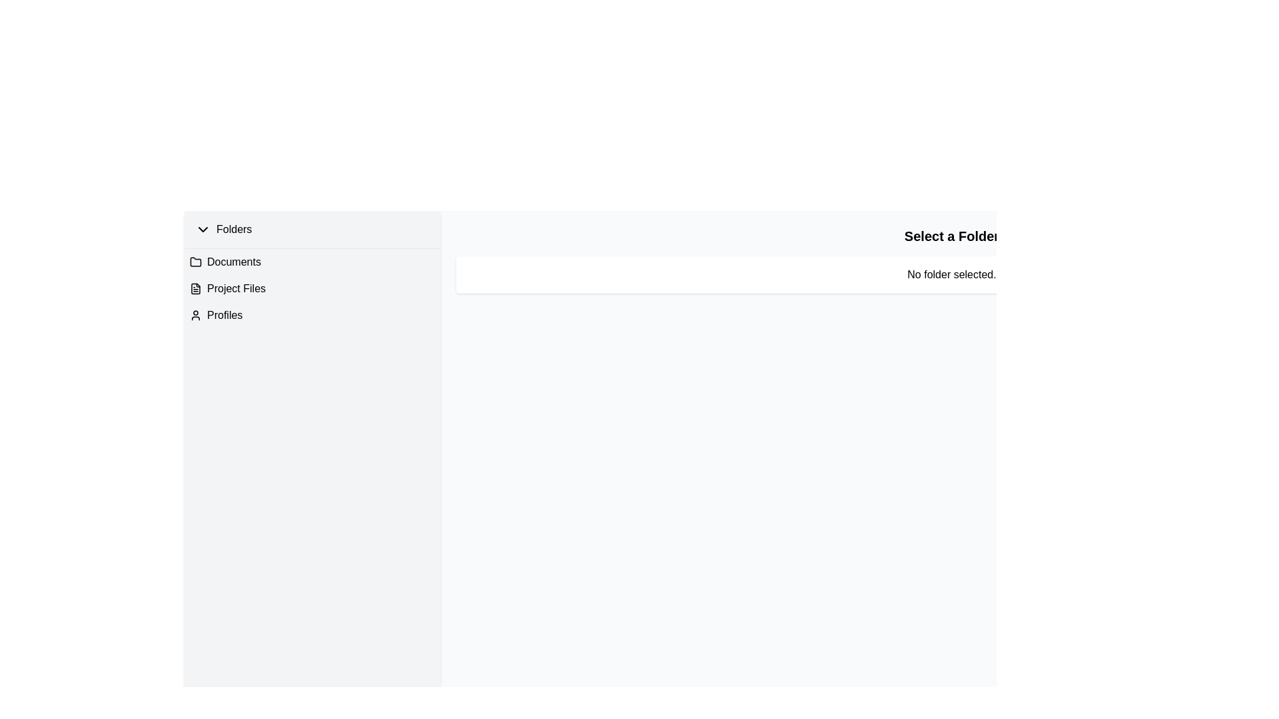 The image size is (1279, 719). I want to click on the first item in the left sidebar labeled 'Documents', so click(312, 262).